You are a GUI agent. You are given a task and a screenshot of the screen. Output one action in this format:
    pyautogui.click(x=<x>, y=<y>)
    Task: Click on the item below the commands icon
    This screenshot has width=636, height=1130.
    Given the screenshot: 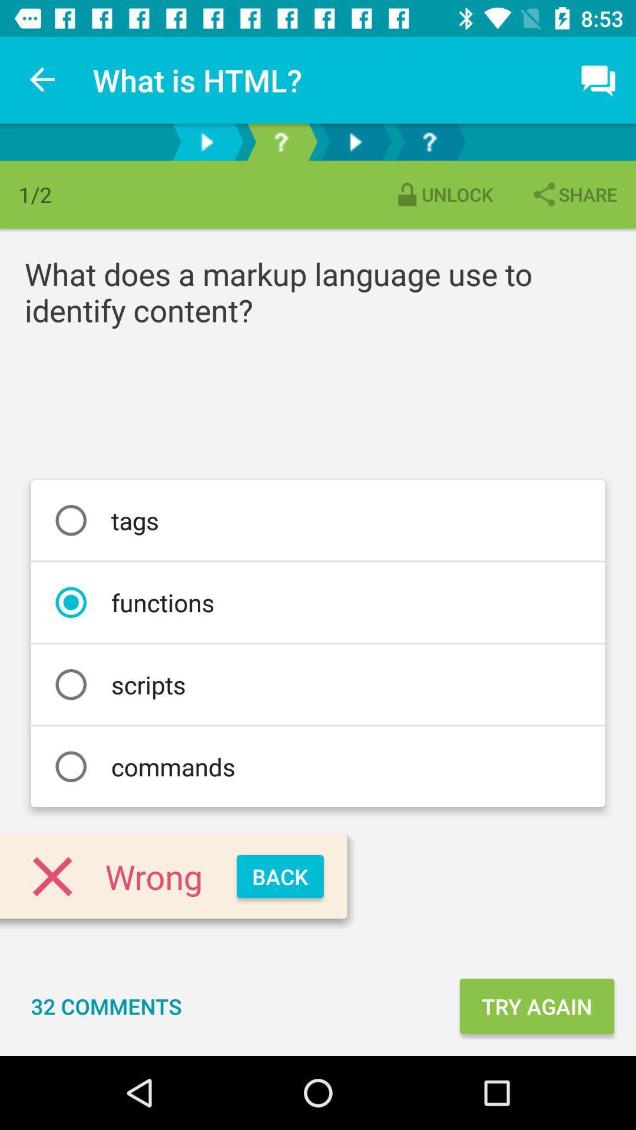 What is the action you would take?
    pyautogui.click(x=280, y=876)
    